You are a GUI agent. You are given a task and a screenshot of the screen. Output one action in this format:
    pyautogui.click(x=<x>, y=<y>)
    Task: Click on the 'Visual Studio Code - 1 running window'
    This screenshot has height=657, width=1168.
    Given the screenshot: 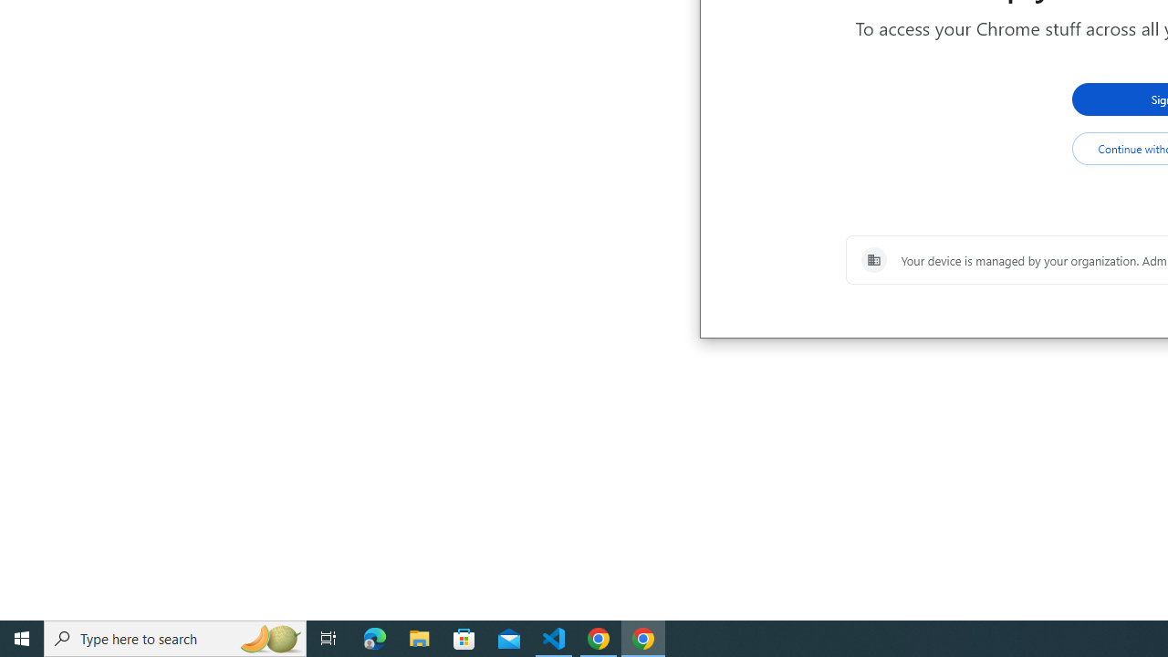 What is the action you would take?
    pyautogui.click(x=553, y=637)
    